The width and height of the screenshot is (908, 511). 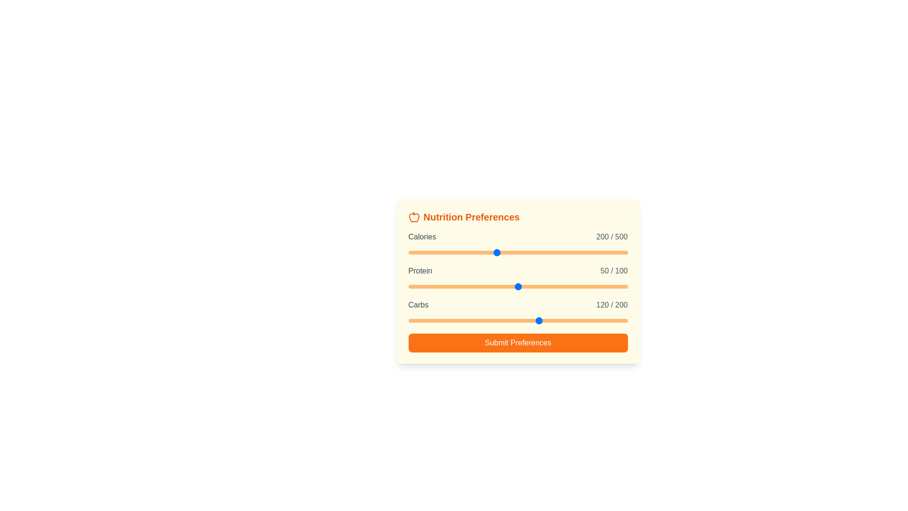 What do you see at coordinates (491, 286) in the screenshot?
I see `the protein value` at bounding box center [491, 286].